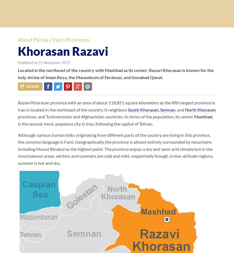  What do you see at coordinates (116, 106) in the screenshot?
I see `'Razavi Khorasan province with an area of about 118,851 square kilometers as the fifth largest province in Iran is located in the northeast of the country. It neighbors'` at bounding box center [116, 106].